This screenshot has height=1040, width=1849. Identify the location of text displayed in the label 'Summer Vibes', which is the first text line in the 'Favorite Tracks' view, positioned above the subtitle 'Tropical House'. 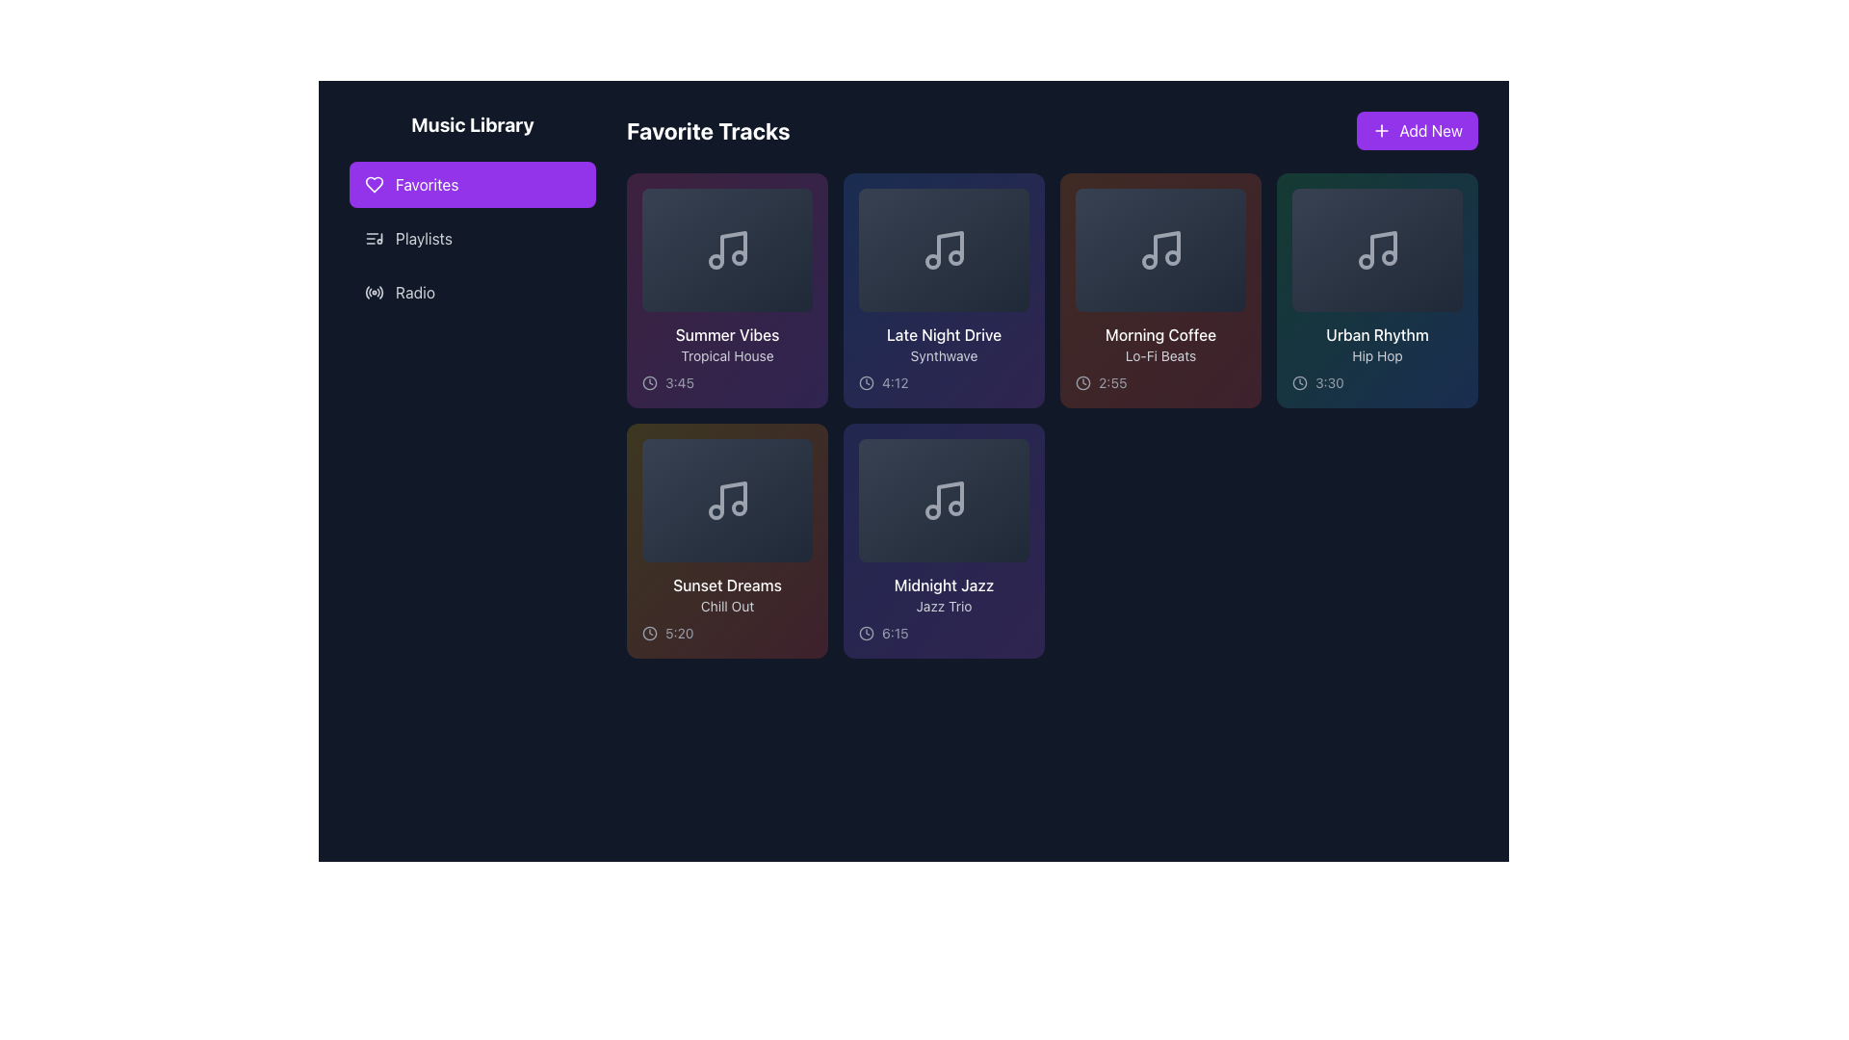
(726, 333).